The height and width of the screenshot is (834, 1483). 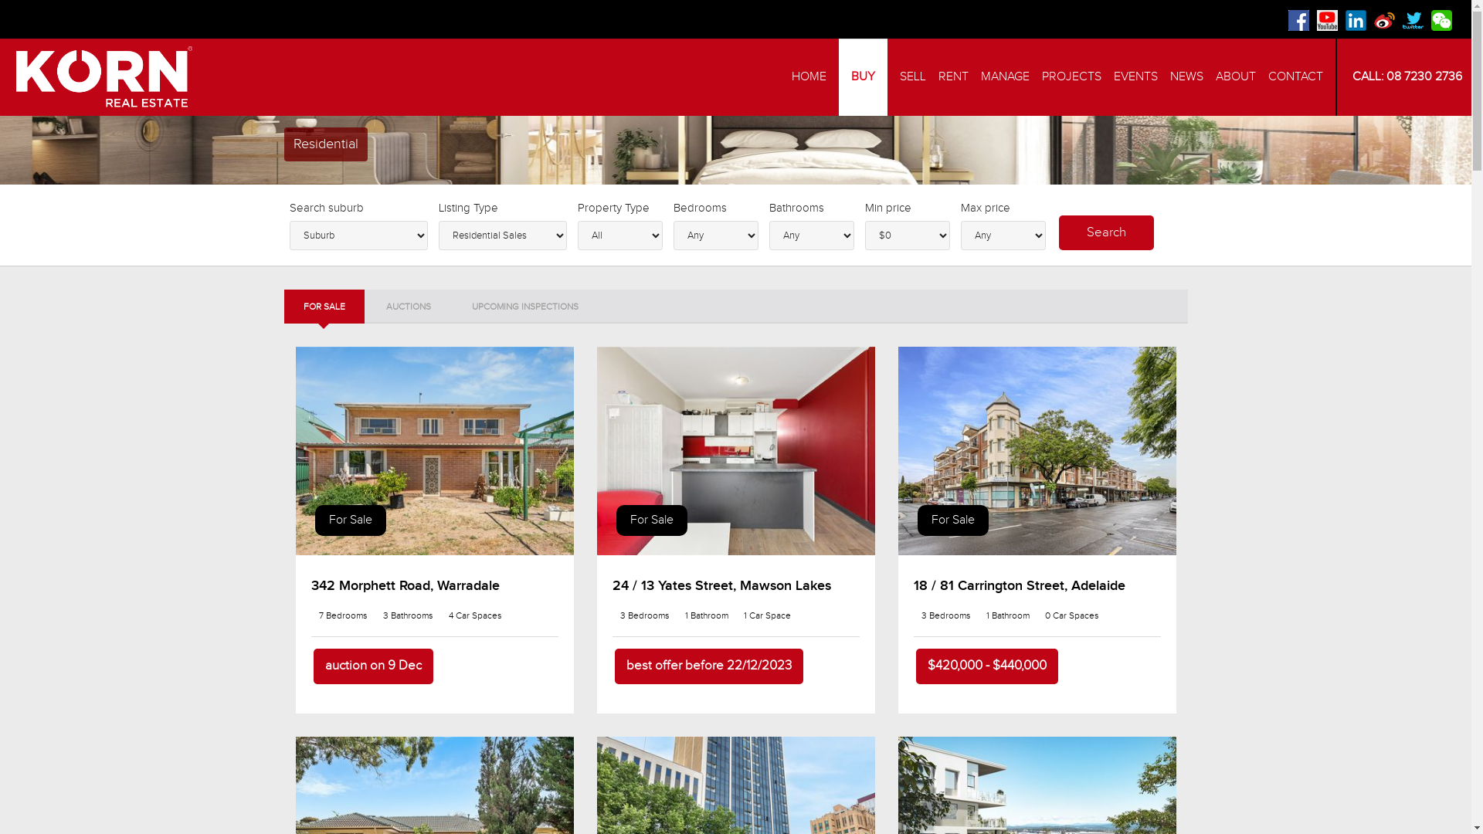 I want to click on 'BUY', so click(x=837, y=77).